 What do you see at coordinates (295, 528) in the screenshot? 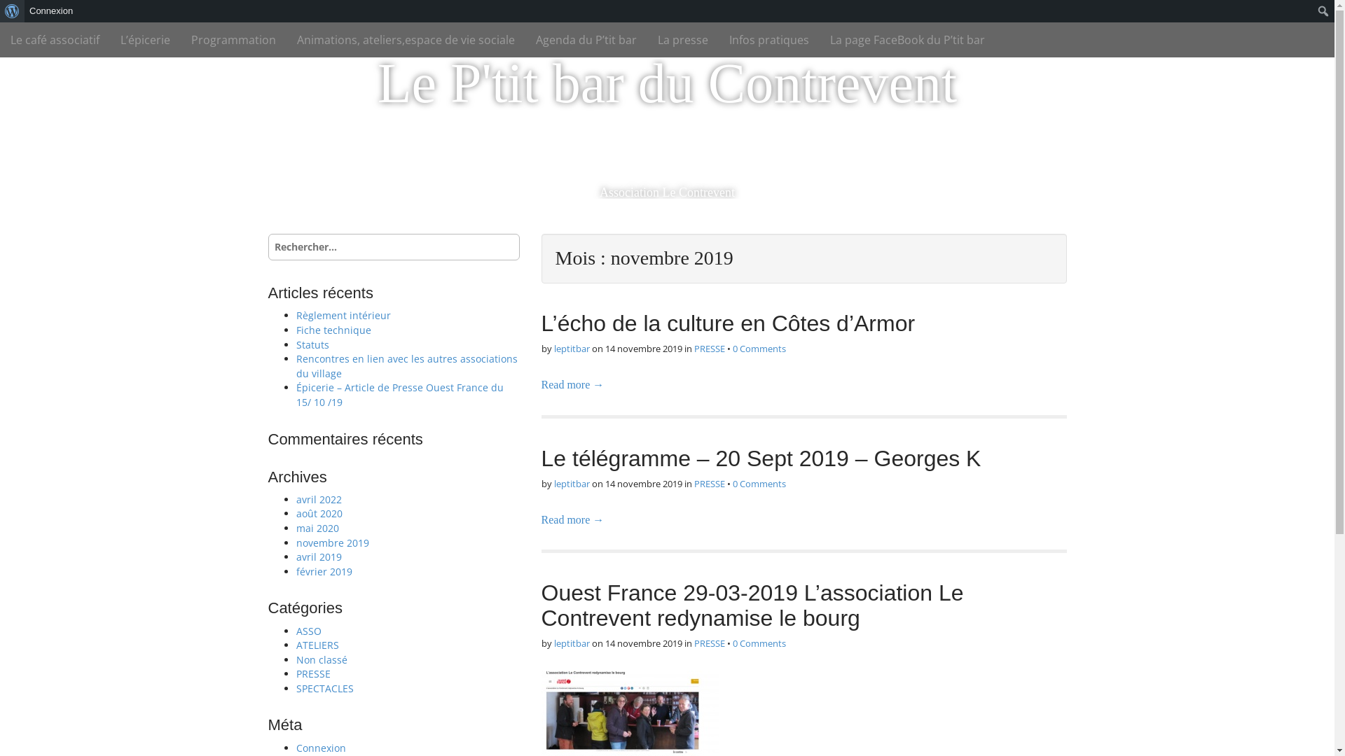
I see `'mai 2020'` at bounding box center [295, 528].